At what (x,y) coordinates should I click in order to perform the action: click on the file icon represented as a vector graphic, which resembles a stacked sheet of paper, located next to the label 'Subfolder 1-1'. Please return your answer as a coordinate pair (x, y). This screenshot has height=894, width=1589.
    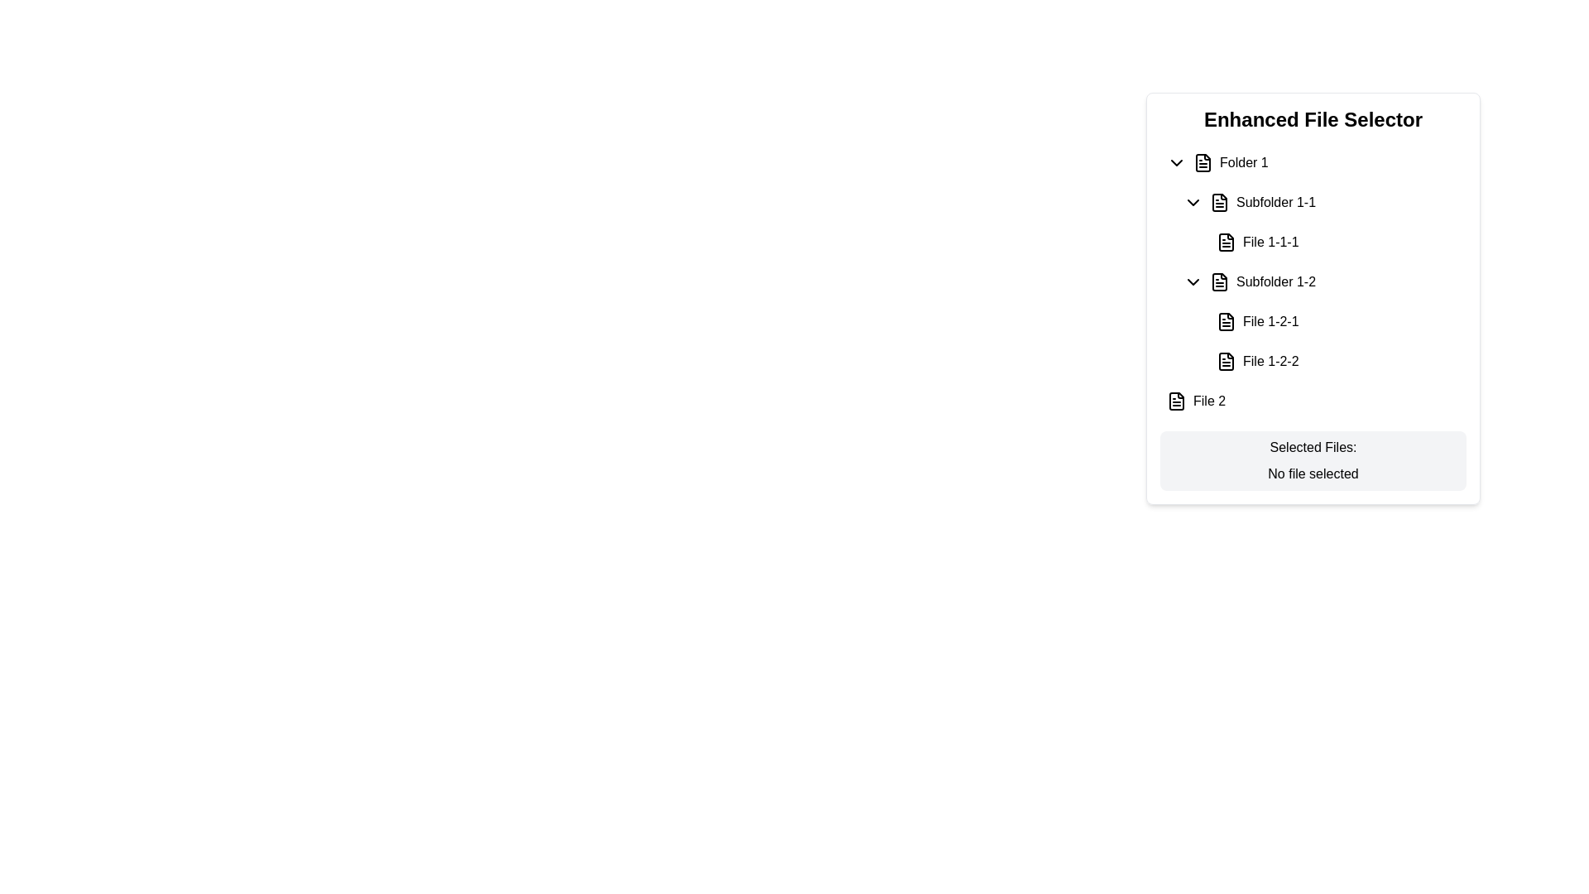
    Looking at the image, I should click on (1219, 202).